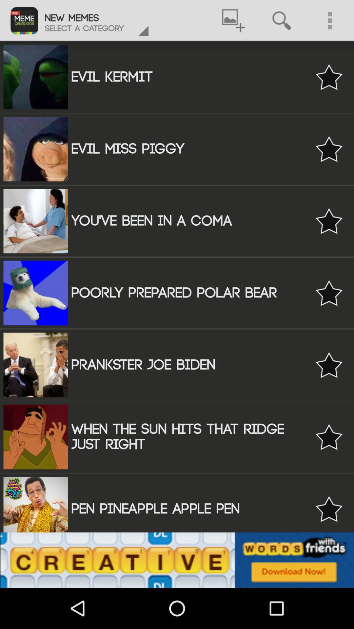 The image size is (354, 629). What do you see at coordinates (329, 148) in the screenshot?
I see `to favourite` at bounding box center [329, 148].